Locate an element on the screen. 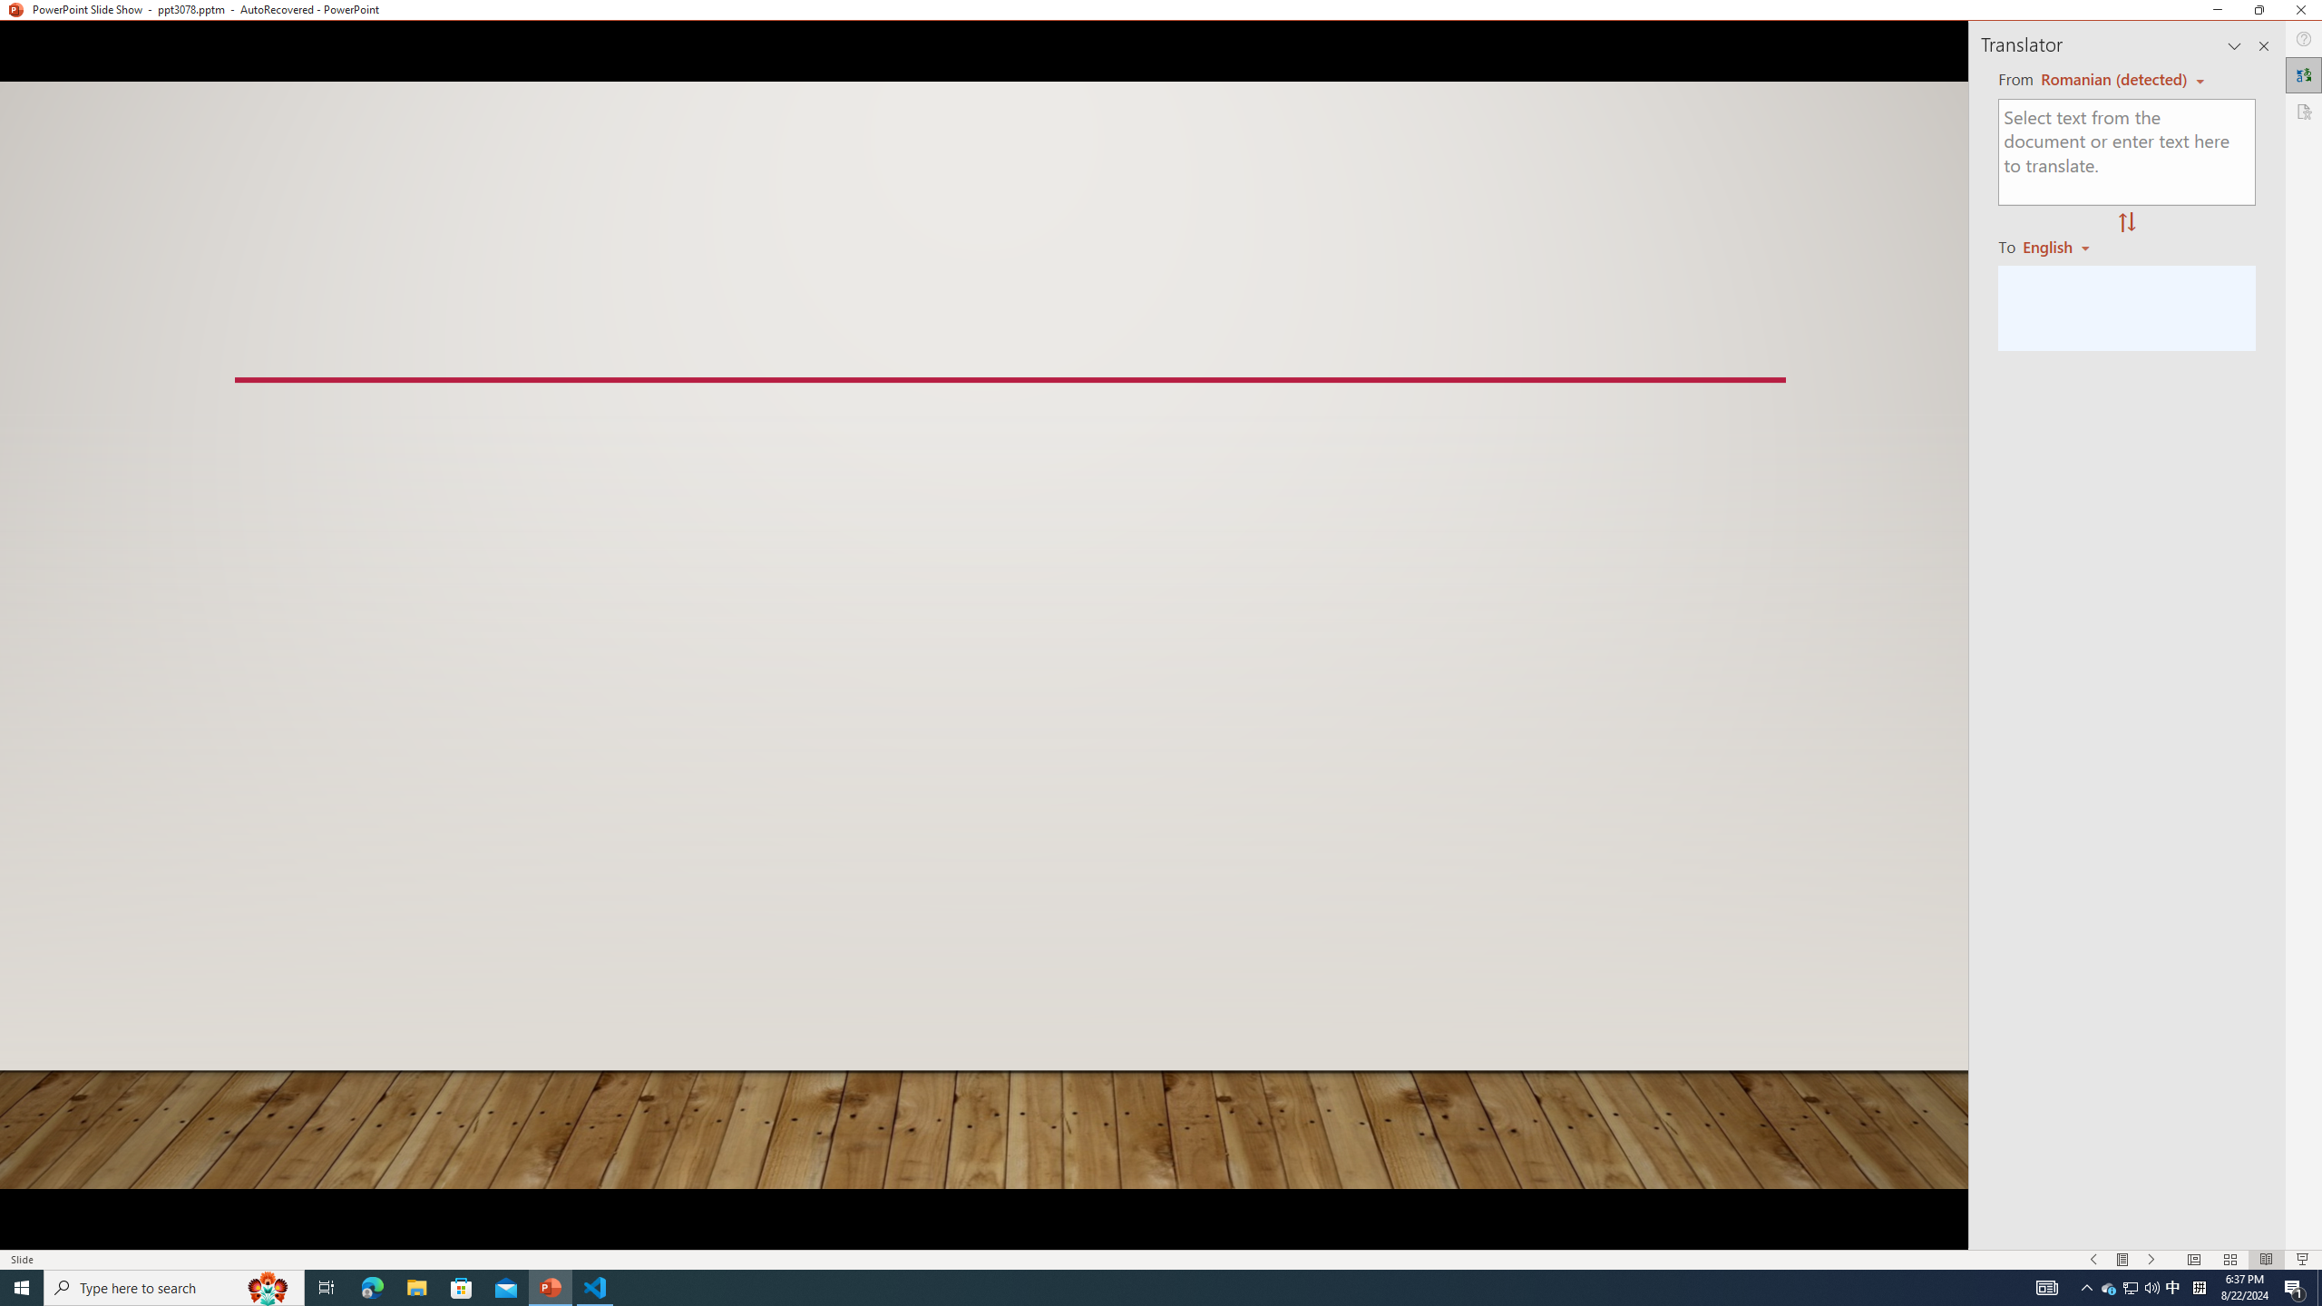 Image resolution: width=2322 pixels, height=1306 pixels. 'Close pane' is located at coordinates (2263, 45).